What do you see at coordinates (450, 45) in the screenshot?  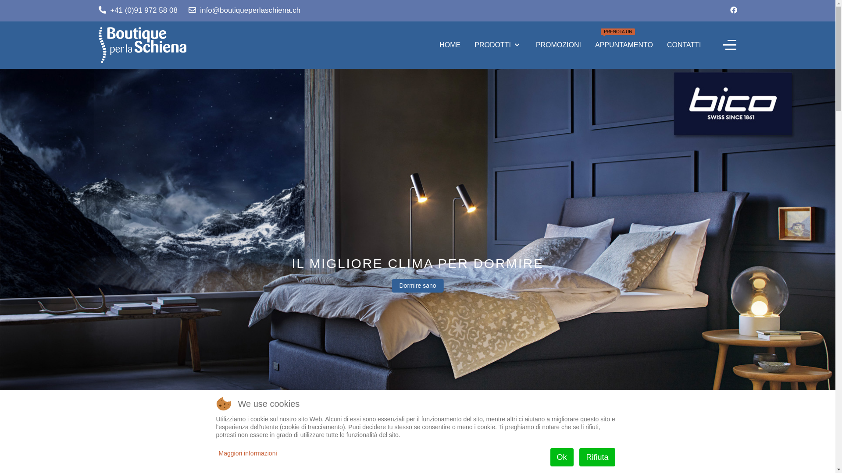 I see `'HOME'` at bounding box center [450, 45].